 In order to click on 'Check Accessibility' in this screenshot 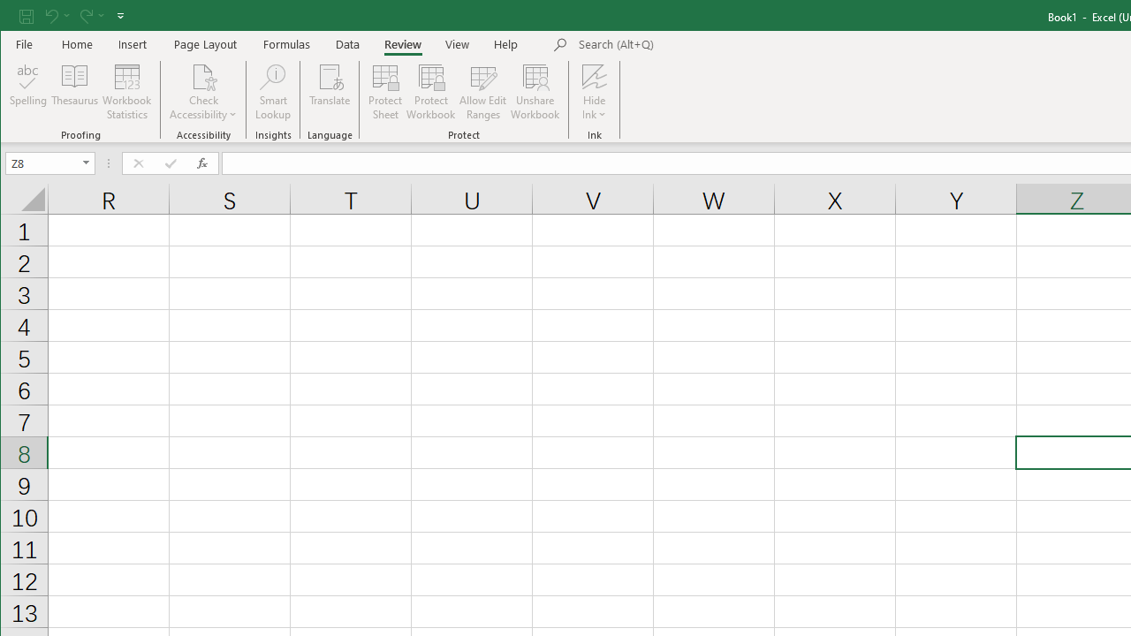, I will do `click(203, 75)`.